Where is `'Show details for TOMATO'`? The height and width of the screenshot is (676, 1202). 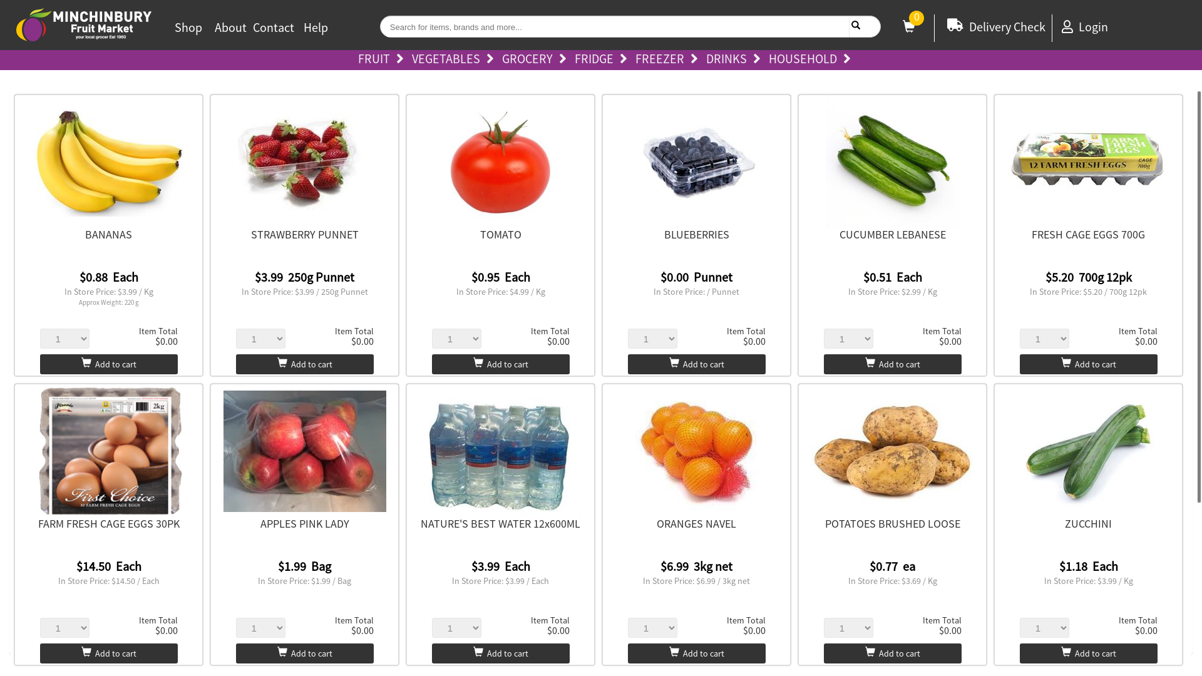
'Show details for TOMATO' is located at coordinates (501, 161).